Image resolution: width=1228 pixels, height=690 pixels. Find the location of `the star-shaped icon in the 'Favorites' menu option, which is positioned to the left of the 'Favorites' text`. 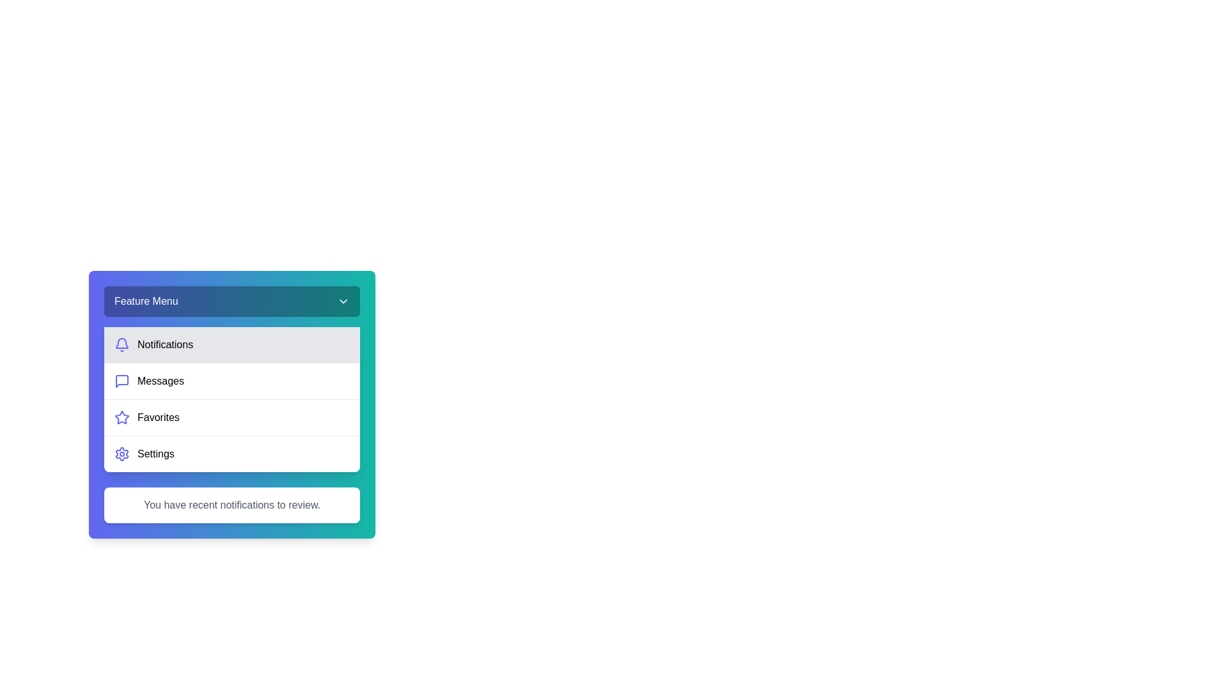

the star-shaped icon in the 'Favorites' menu option, which is positioned to the left of the 'Favorites' text is located at coordinates (122, 418).